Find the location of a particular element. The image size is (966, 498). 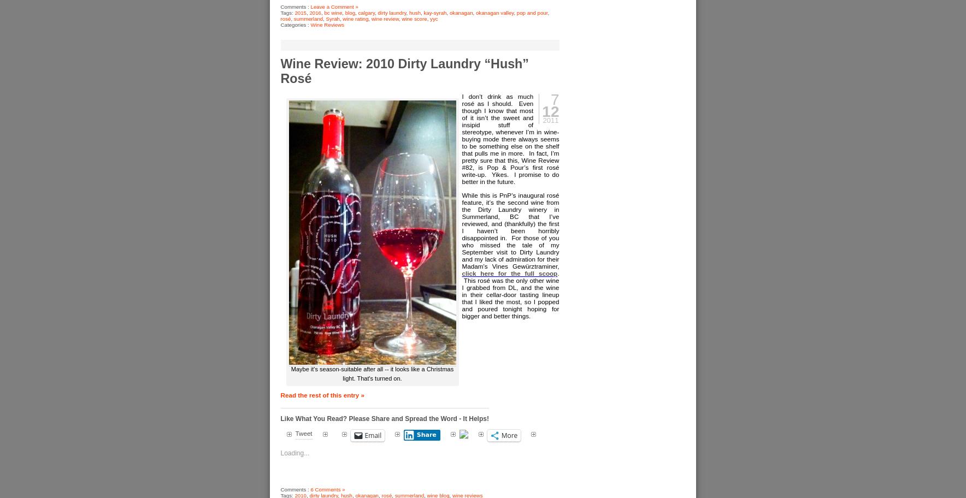

'rosé' is located at coordinates (285, 18).